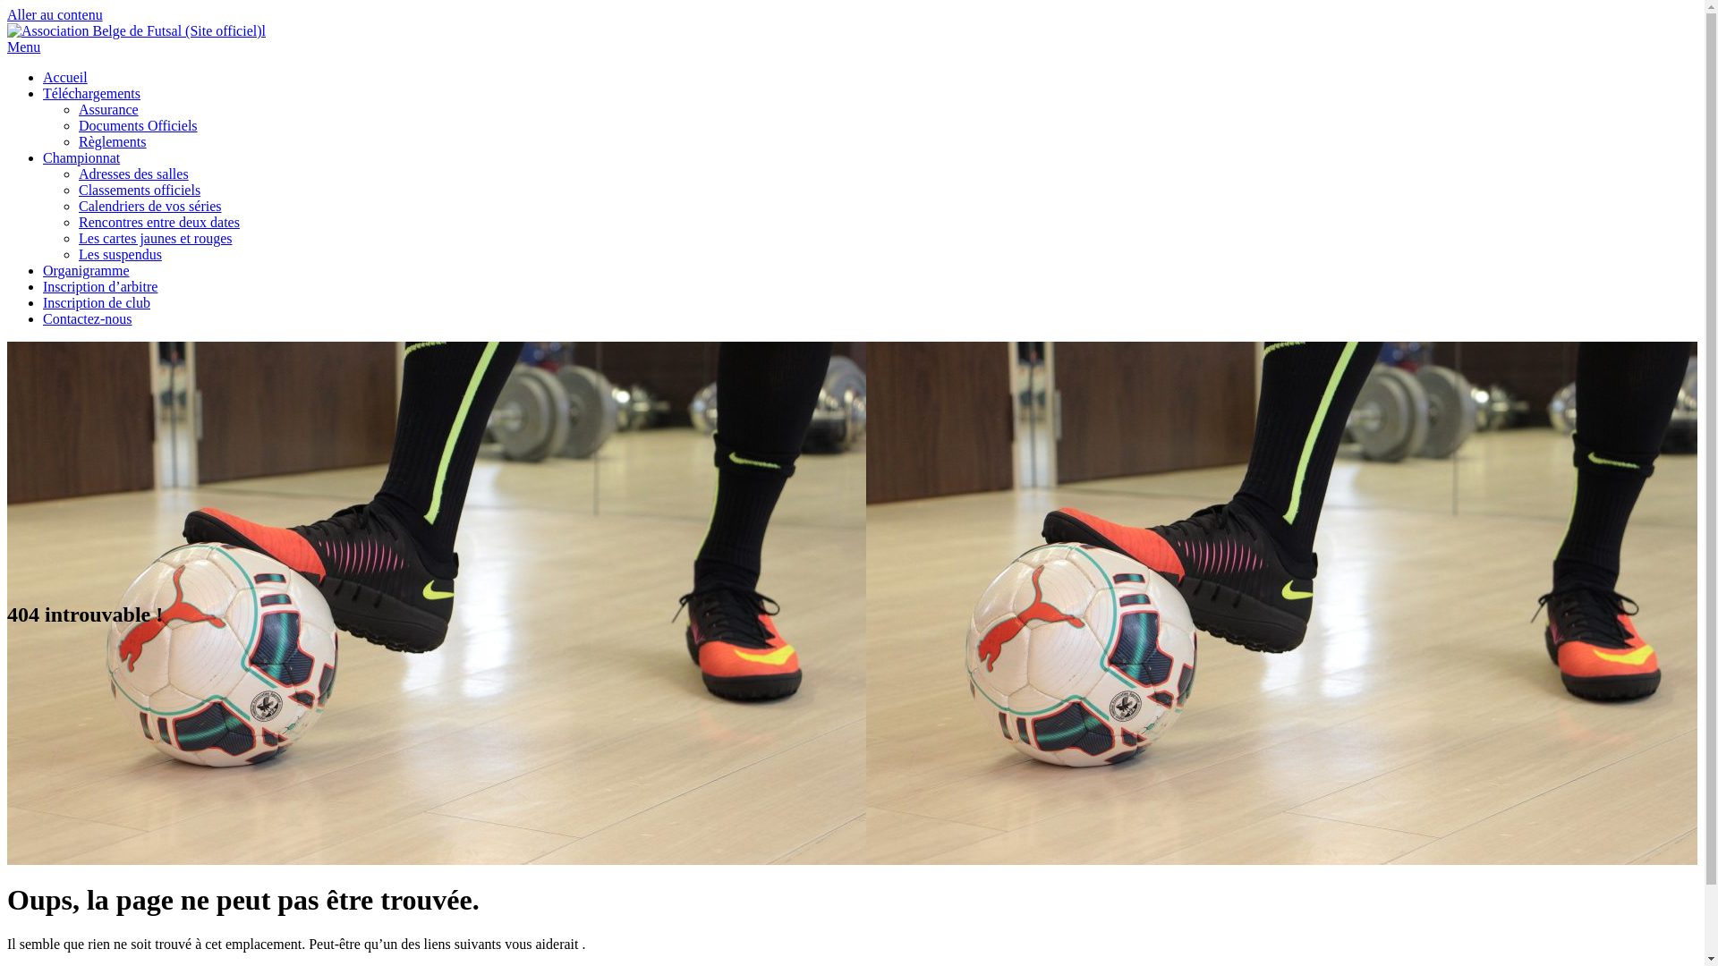 This screenshot has height=966, width=1718. What do you see at coordinates (107, 109) in the screenshot?
I see `'Assurance'` at bounding box center [107, 109].